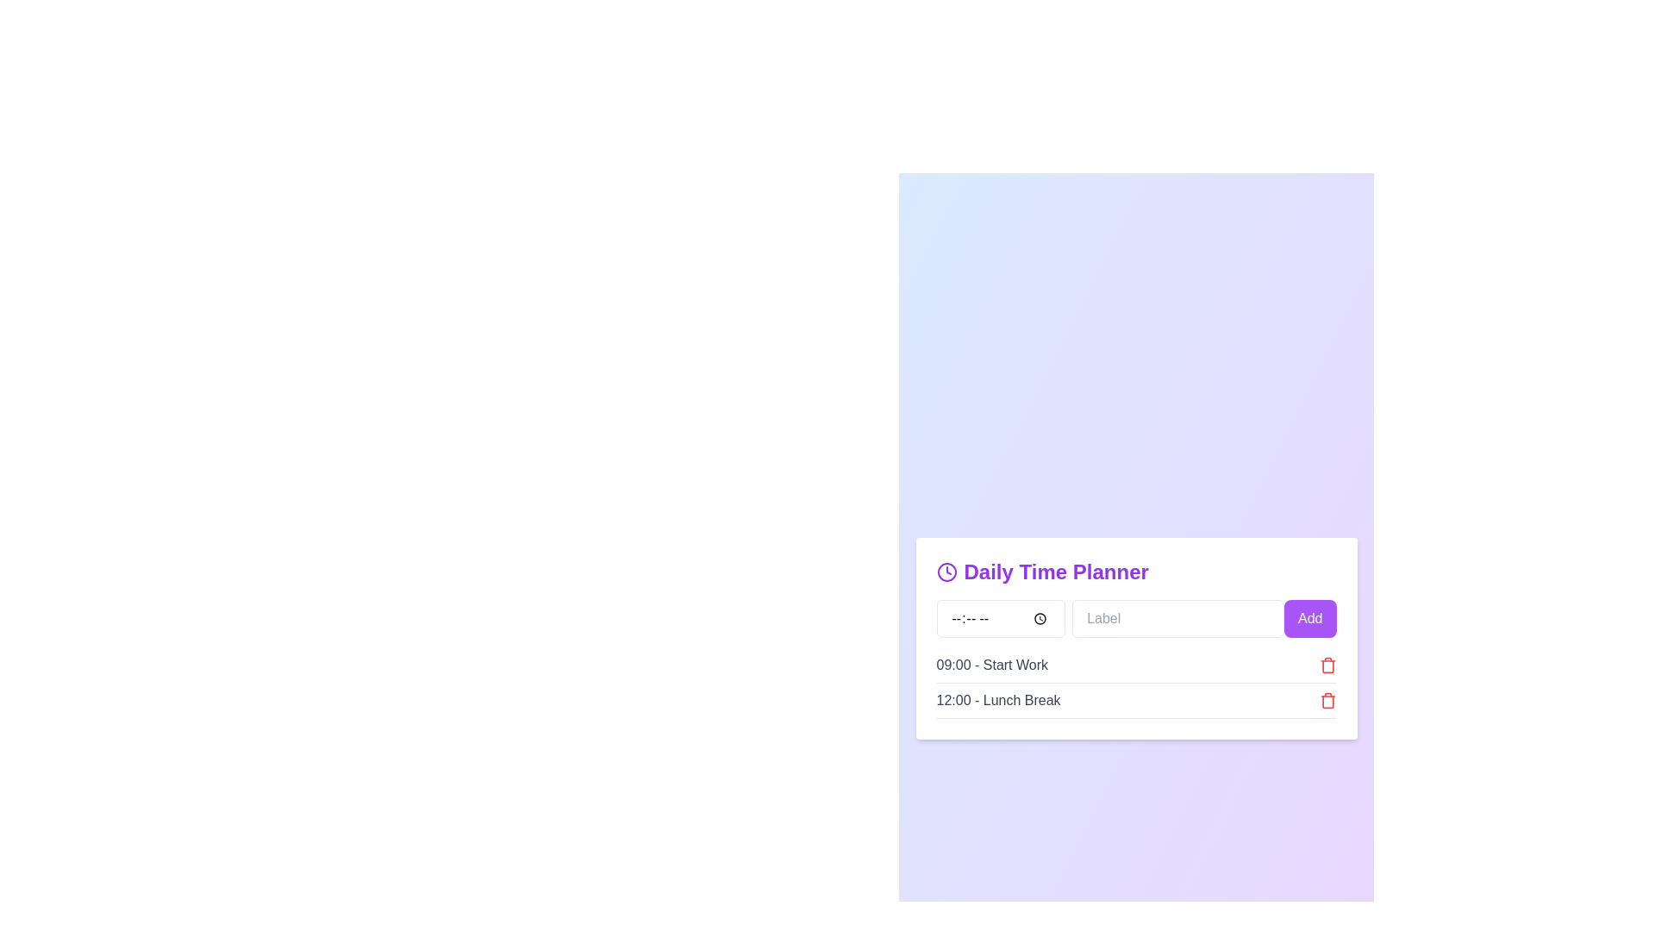 The width and height of the screenshot is (1655, 931). Describe the element at coordinates (946, 572) in the screenshot. I see `the circular SVG element with a purple border and white fill, which is part of the clock icon located to the left of the 'Daily Time Planner' title` at that location.